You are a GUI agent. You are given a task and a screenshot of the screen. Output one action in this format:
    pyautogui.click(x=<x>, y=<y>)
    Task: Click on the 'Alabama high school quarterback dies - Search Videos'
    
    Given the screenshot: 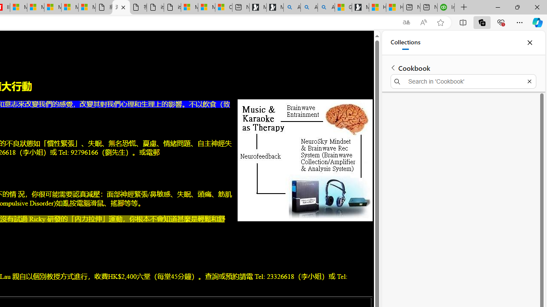 What is the action you would take?
    pyautogui.click(x=326, y=7)
    